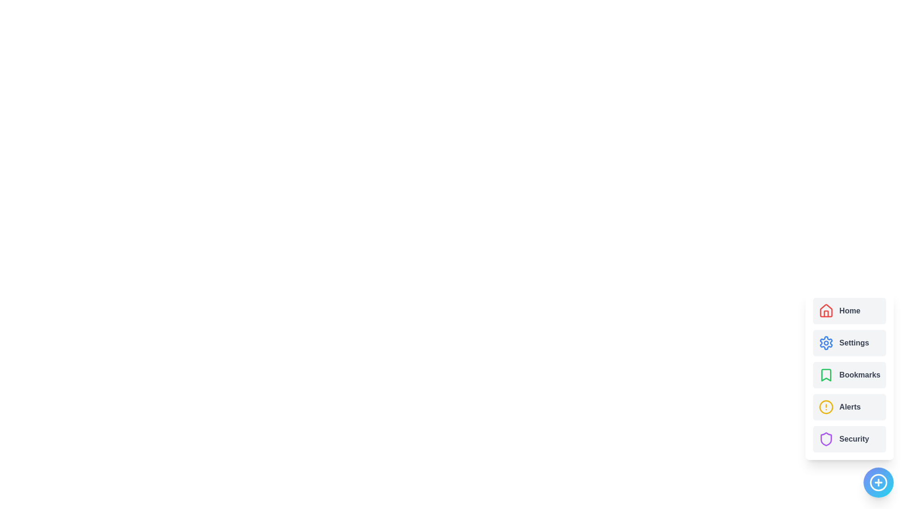 This screenshot has width=905, height=509. I want to click on the menu item Alerts from the ActionSpeedDial component, so click(849, 407).